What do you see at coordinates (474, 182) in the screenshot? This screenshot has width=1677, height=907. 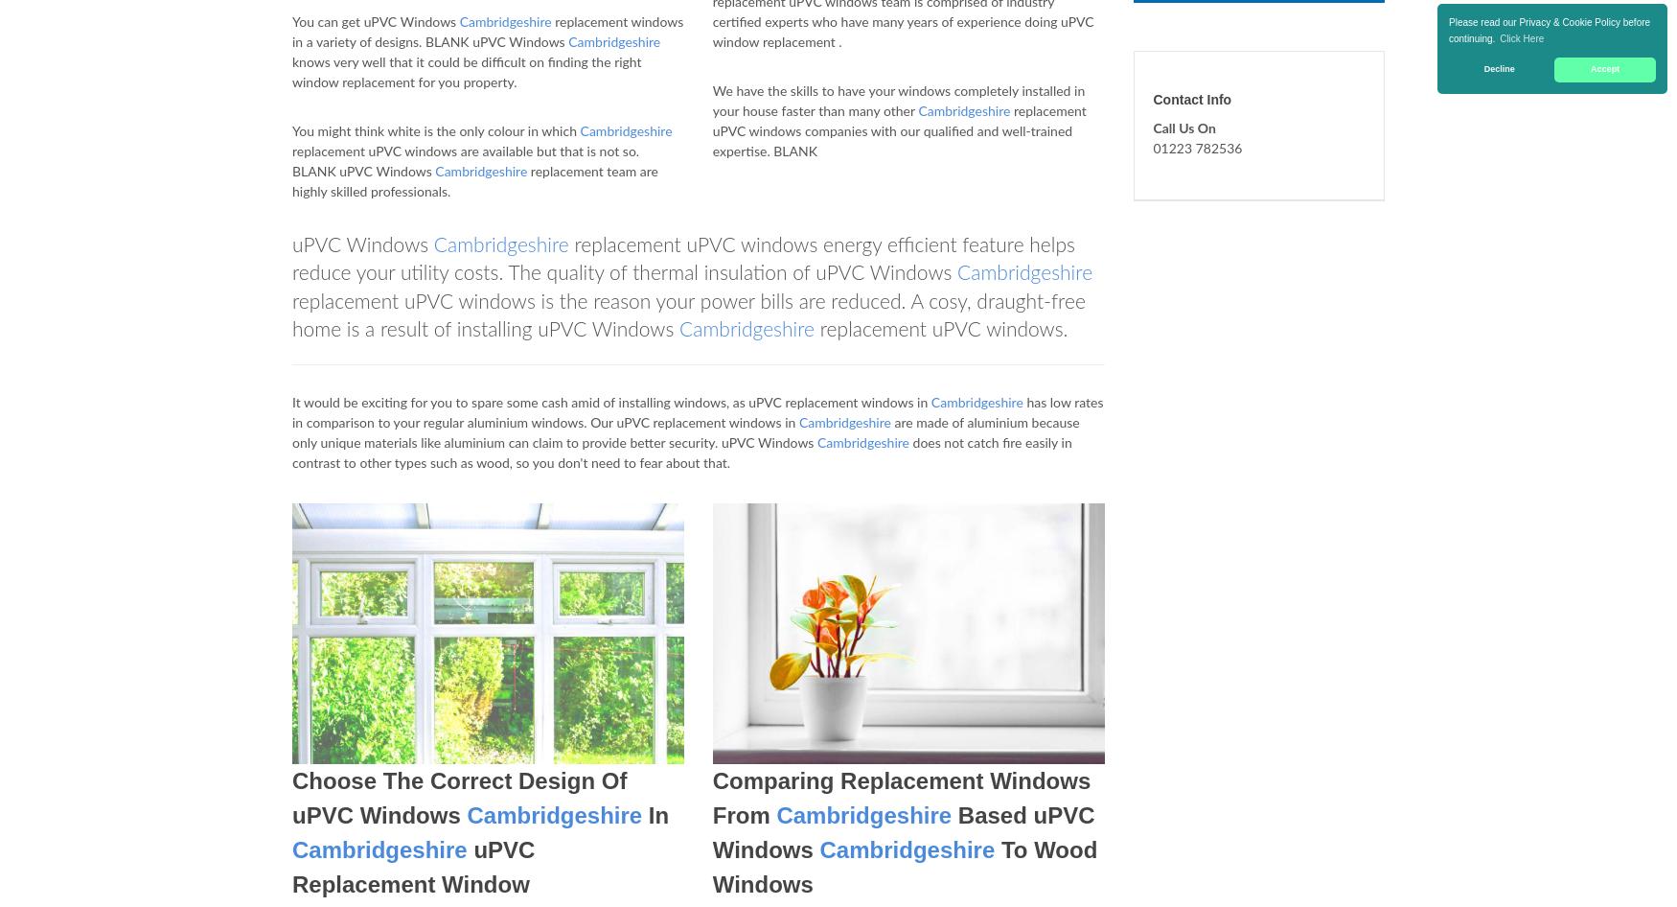 I see `'replacement team are highly skilled professionals.'` at bounding box center [474, 182].